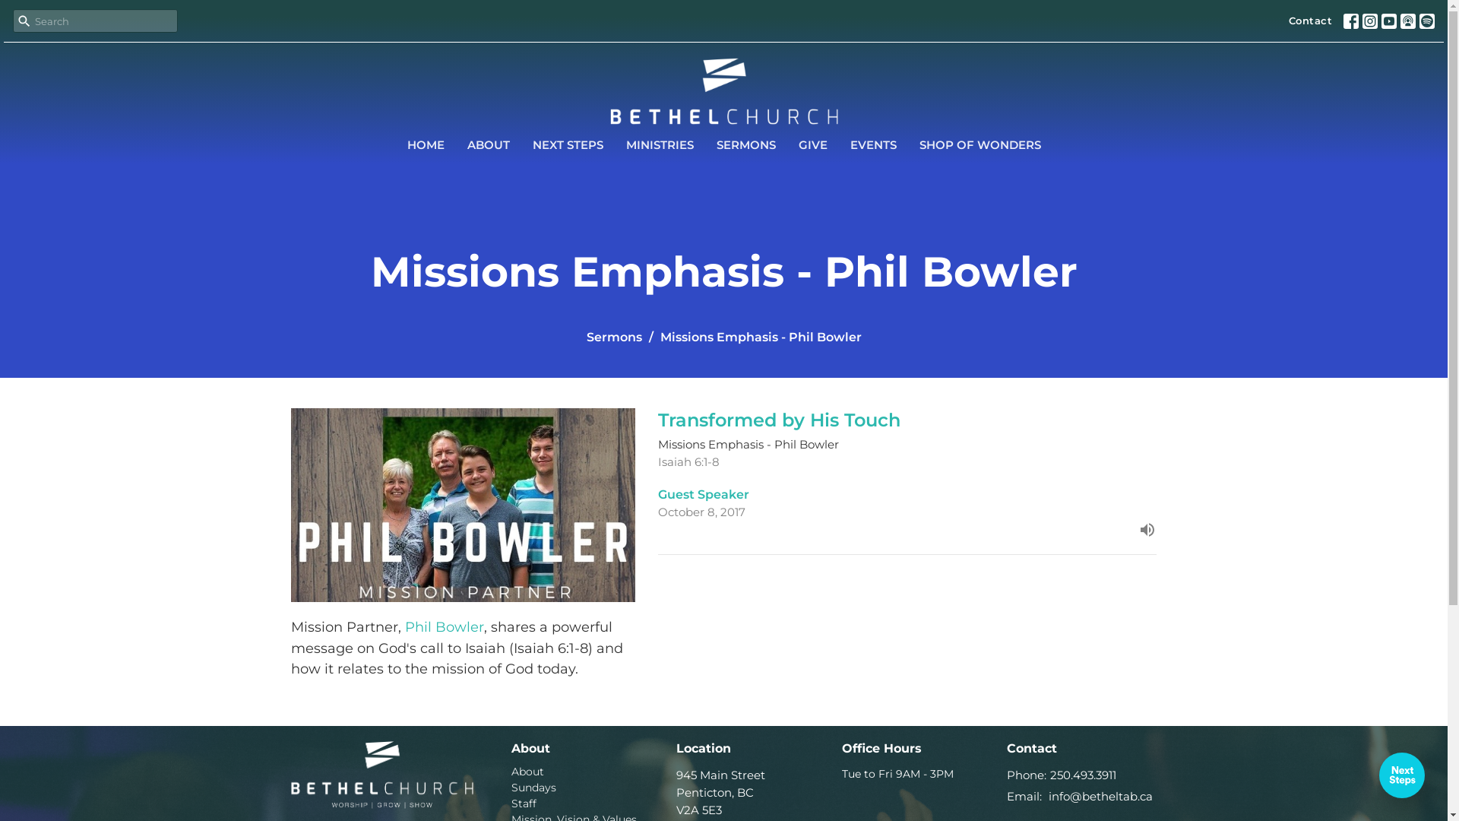  What do you see at coordinates (586, 336) in the screenshot?
I see `'Sermons'` at bounding box center [586, 336].